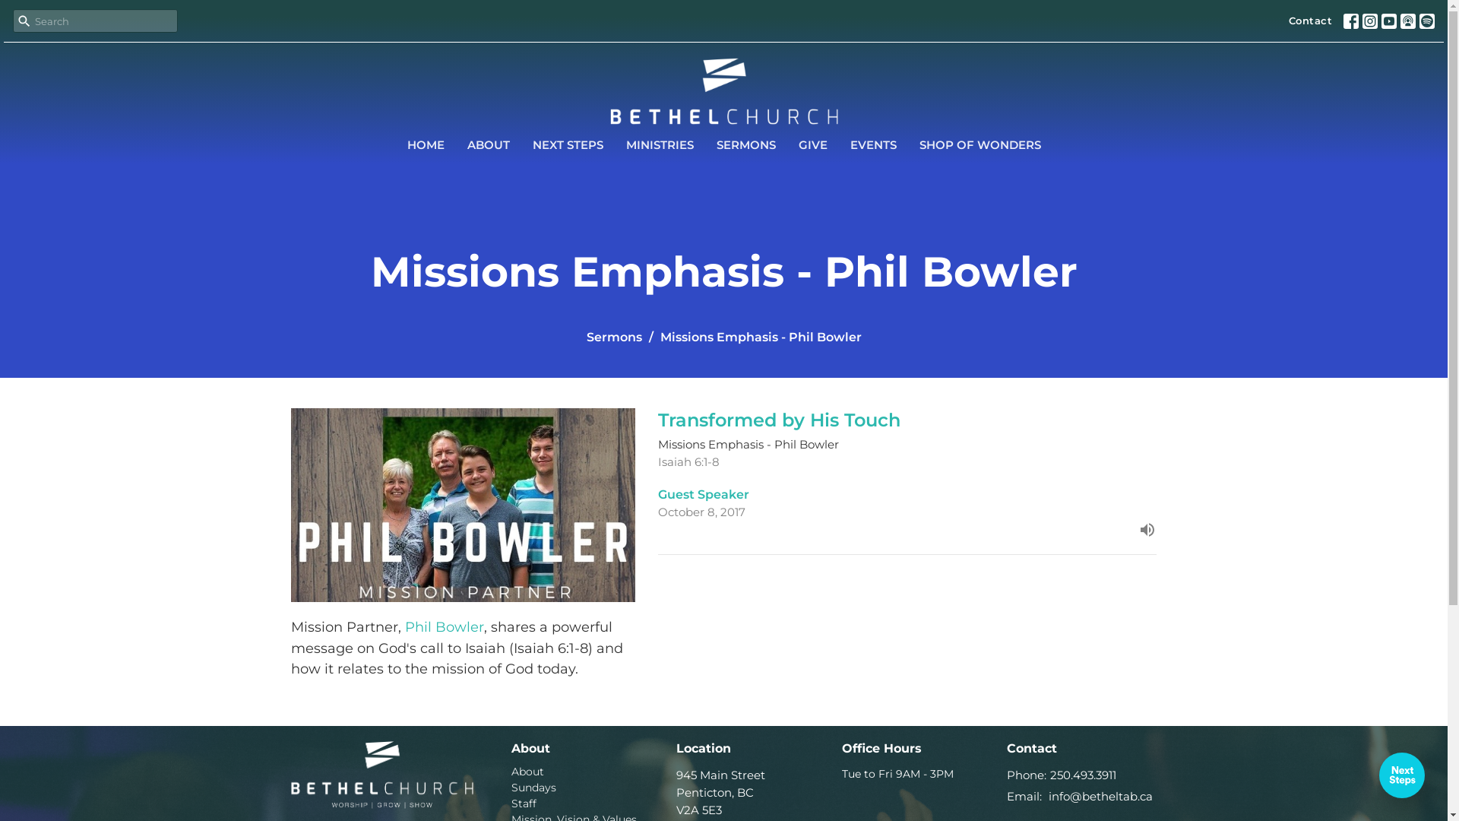  What do you see at coordinates (586, 336) in the screenshot?
I see `'Sermons'` at bounding box center [586, 336].